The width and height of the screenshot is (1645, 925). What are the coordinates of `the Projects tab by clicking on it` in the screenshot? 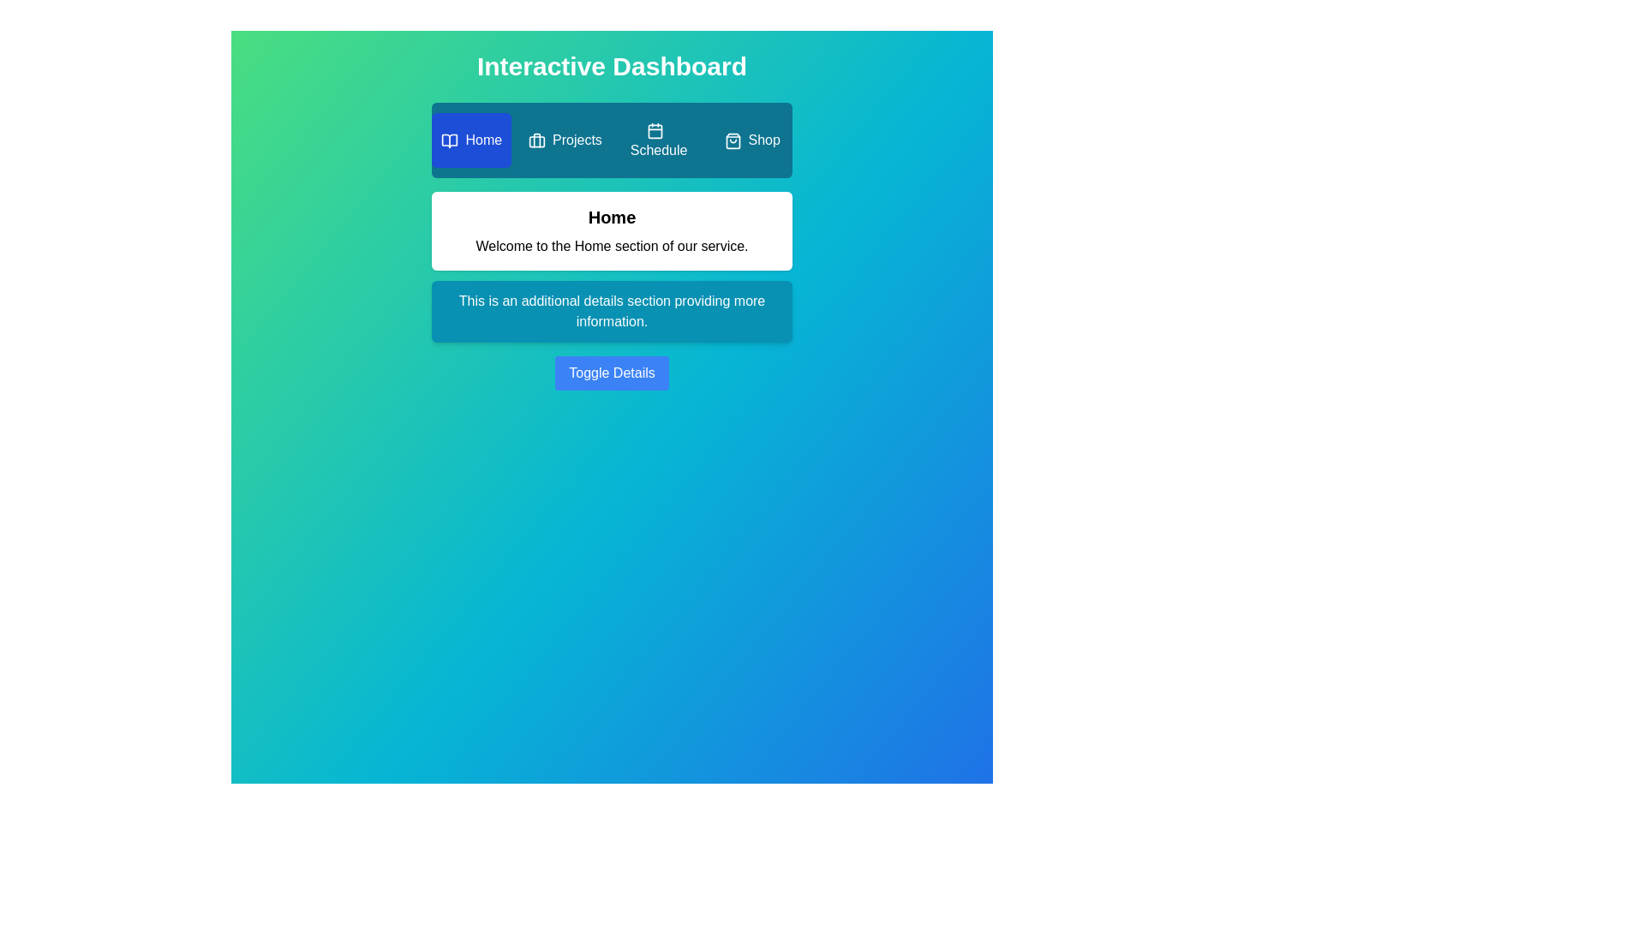 It's located at (565, 140).